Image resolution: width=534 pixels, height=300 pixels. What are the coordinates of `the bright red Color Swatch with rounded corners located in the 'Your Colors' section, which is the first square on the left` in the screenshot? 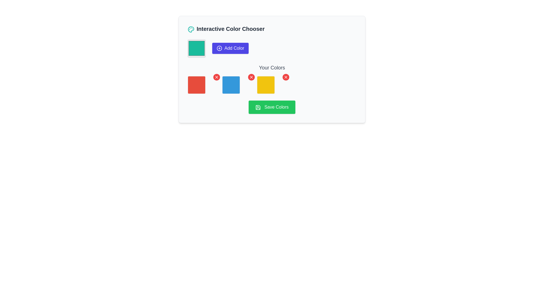 It's located at (196, 85).